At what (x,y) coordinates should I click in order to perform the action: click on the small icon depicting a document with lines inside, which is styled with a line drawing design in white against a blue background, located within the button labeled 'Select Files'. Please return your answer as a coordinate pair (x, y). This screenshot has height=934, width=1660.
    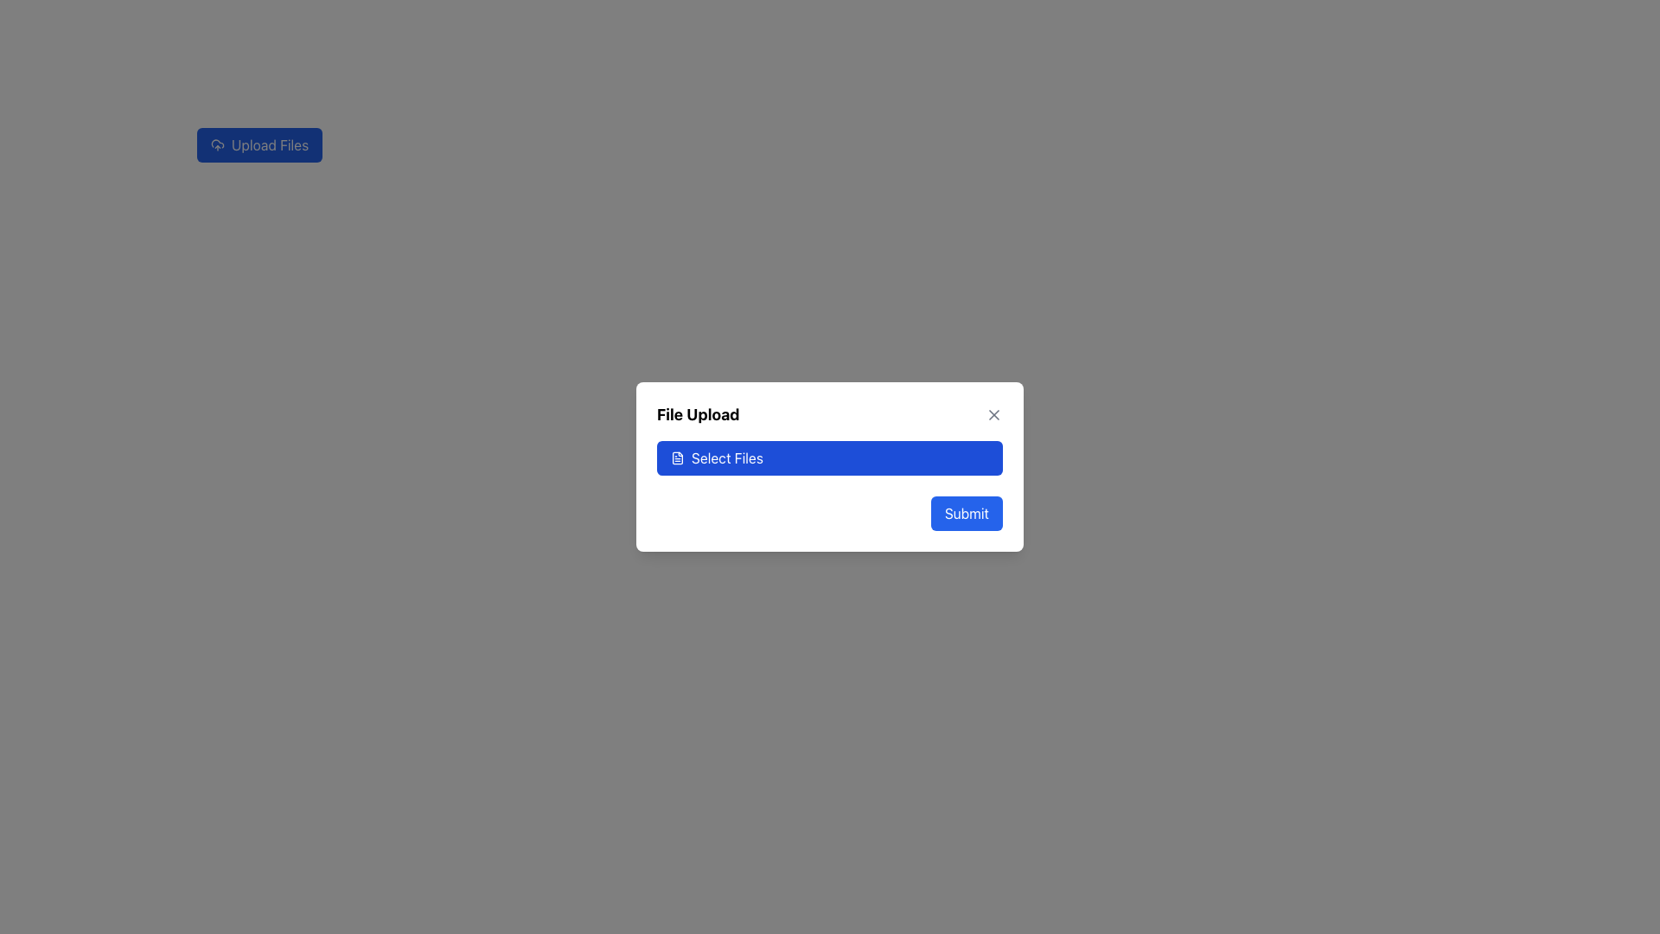
    Looking at the image, I should click on (676, 457).